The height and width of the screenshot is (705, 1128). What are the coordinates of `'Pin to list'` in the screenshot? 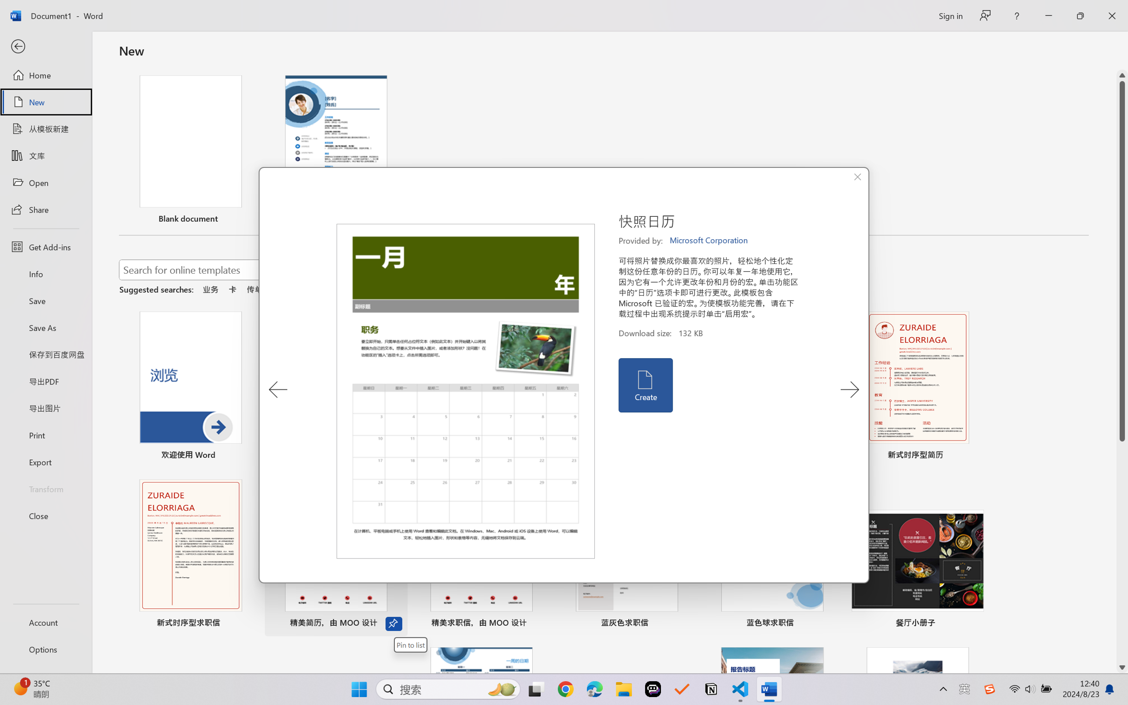 It's located at (410, 645).